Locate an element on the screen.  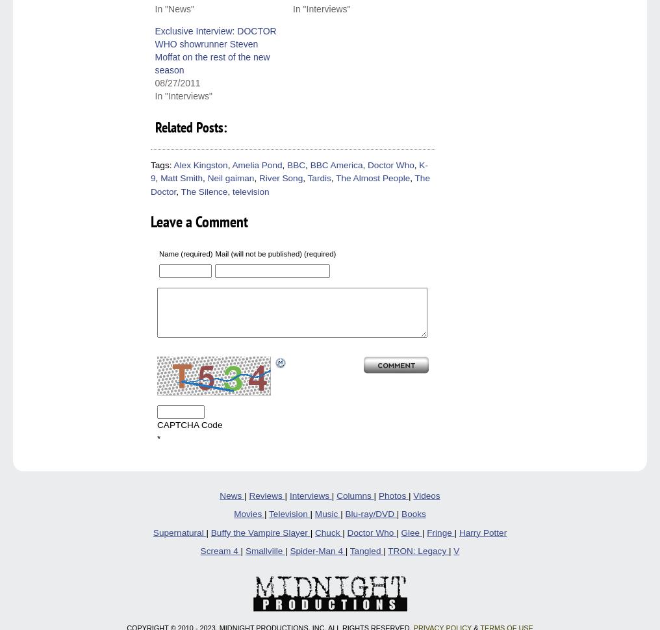
'Related Posts:' is located at coordinates (190, 126).